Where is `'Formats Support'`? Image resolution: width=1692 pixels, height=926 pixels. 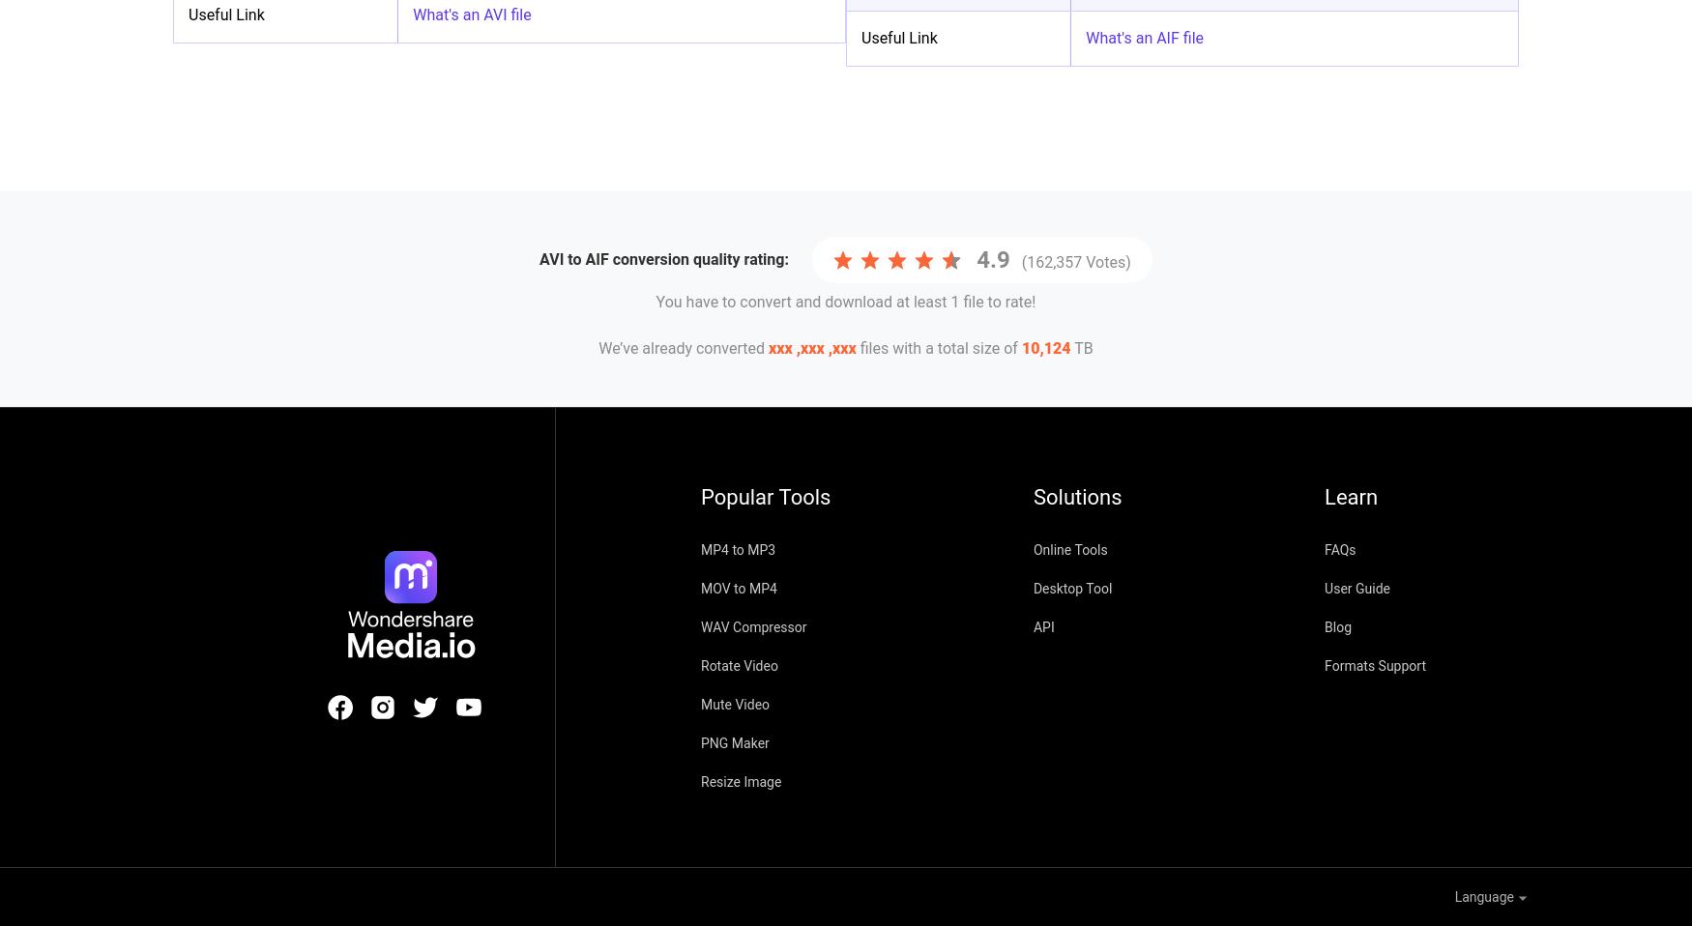
'Formats Support' is located at coordinates (1325, 664).